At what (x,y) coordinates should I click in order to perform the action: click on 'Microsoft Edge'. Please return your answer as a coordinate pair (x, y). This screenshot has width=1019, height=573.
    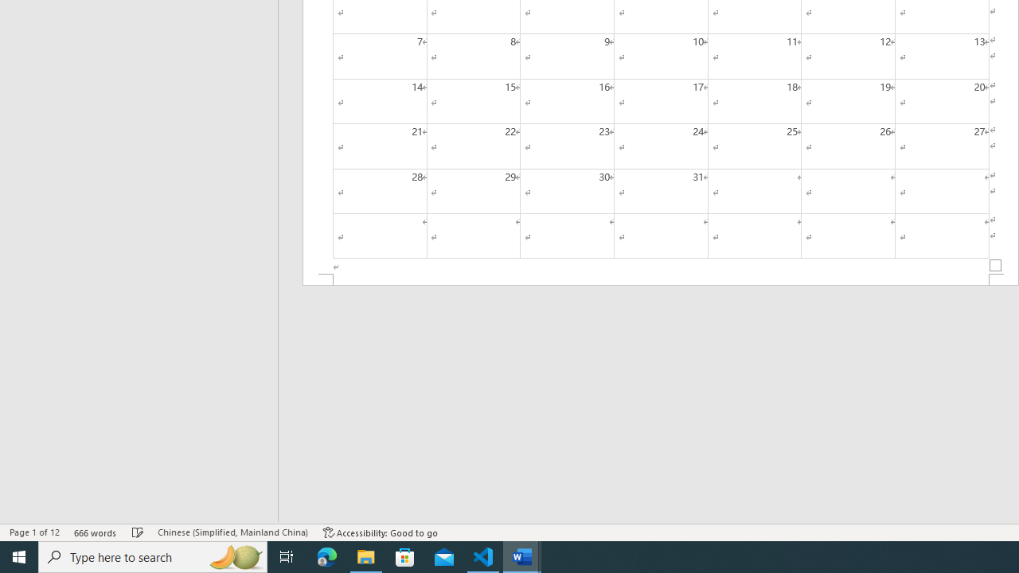
    Looking at the image, I should click on (326, 555).